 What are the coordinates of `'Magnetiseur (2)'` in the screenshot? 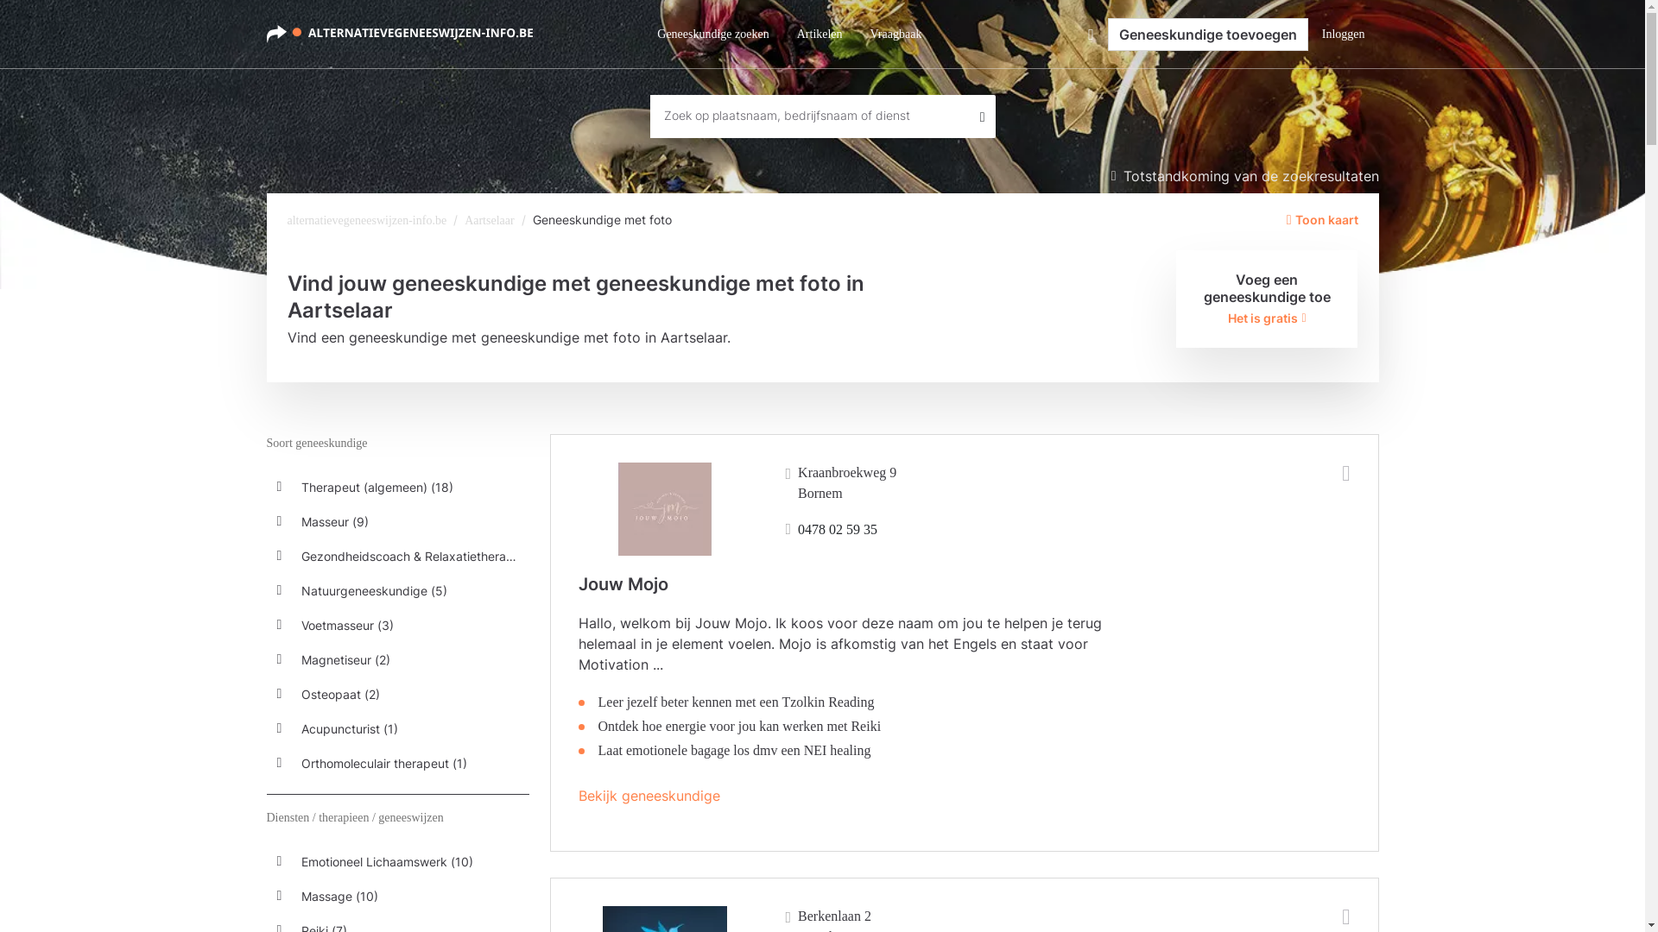 It's located at (396, 658).